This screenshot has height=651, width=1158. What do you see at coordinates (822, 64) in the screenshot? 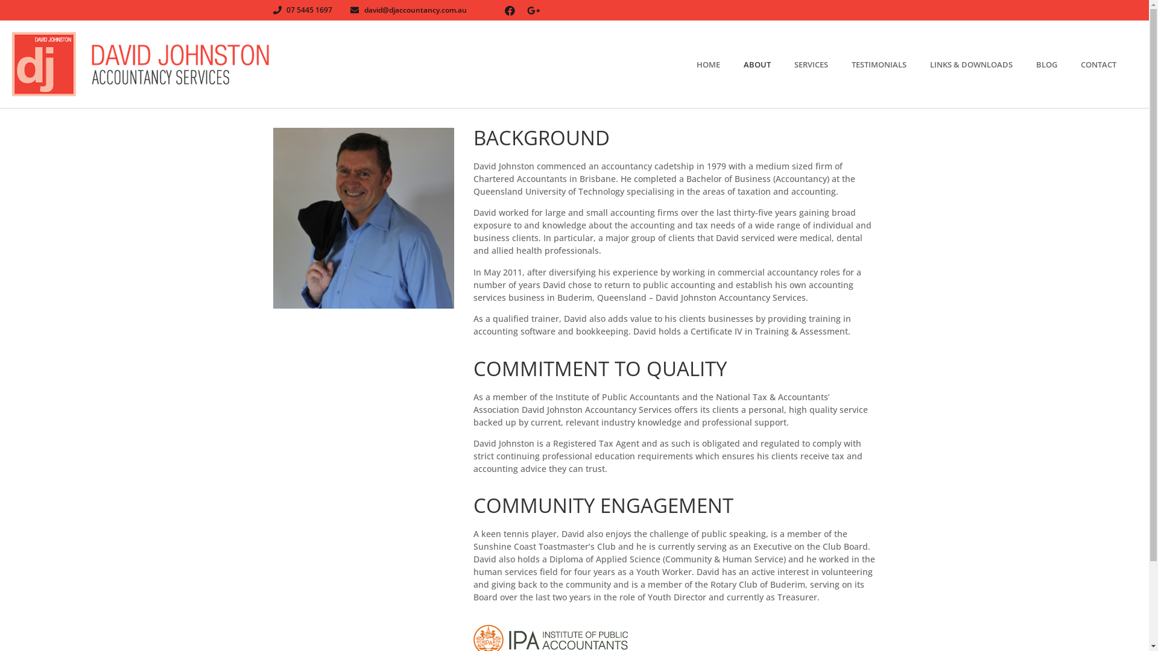
I see `'SERVICES'` at bounding box center [822, 64].